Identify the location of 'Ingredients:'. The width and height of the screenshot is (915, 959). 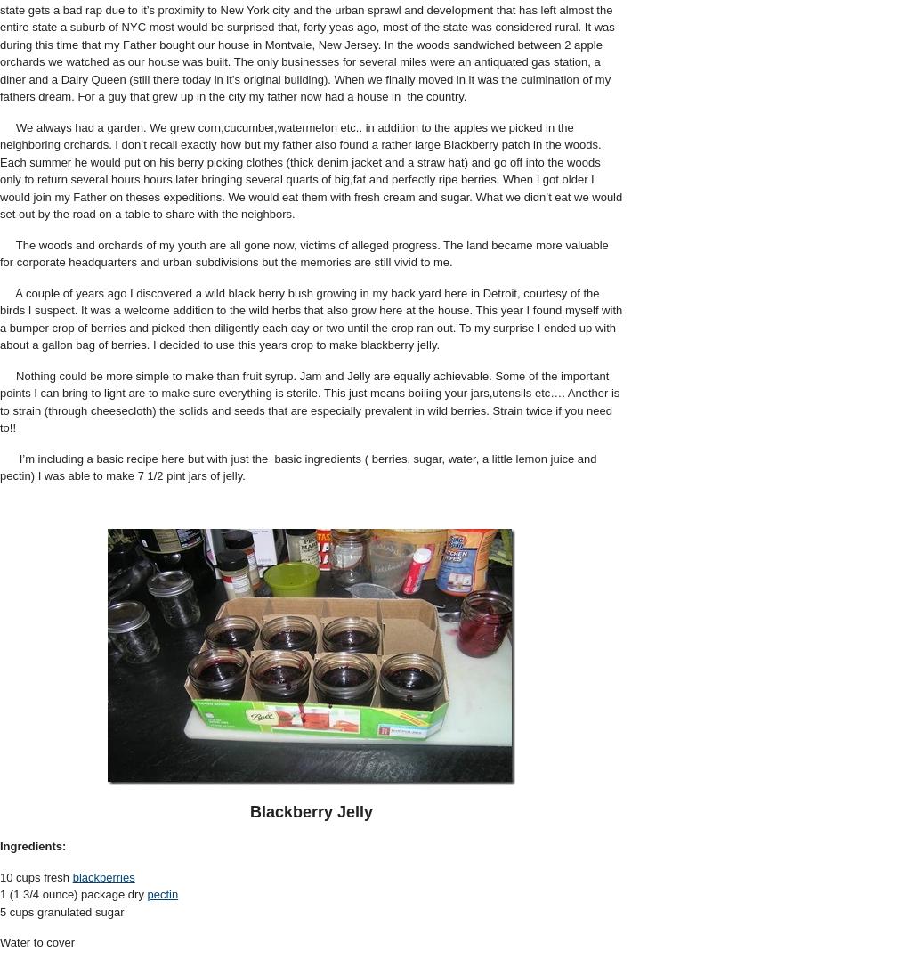
(33, 845).